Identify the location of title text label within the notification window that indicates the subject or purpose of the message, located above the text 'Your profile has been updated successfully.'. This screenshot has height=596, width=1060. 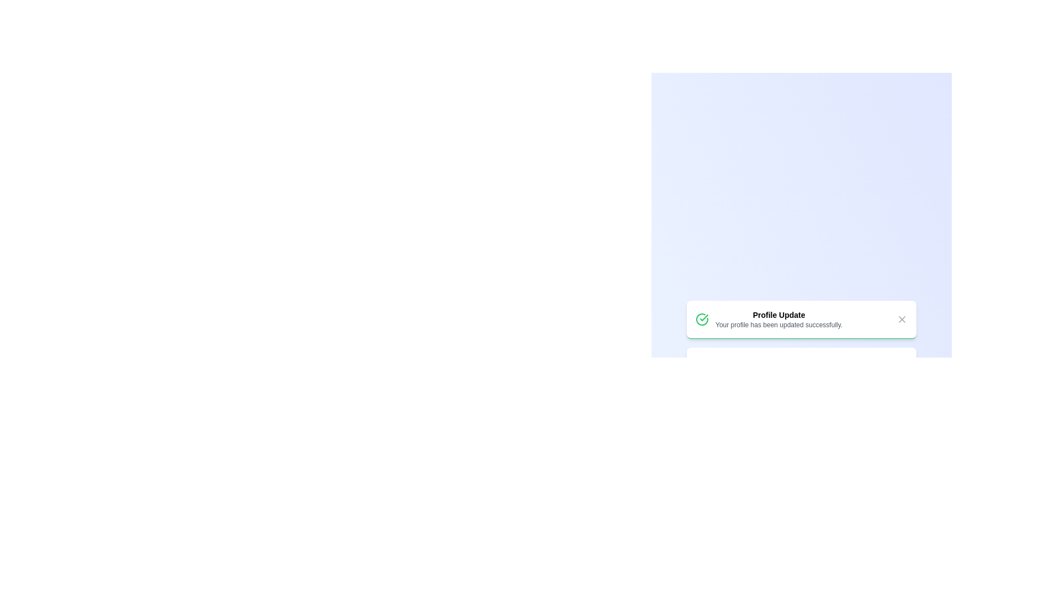
(778, 315).